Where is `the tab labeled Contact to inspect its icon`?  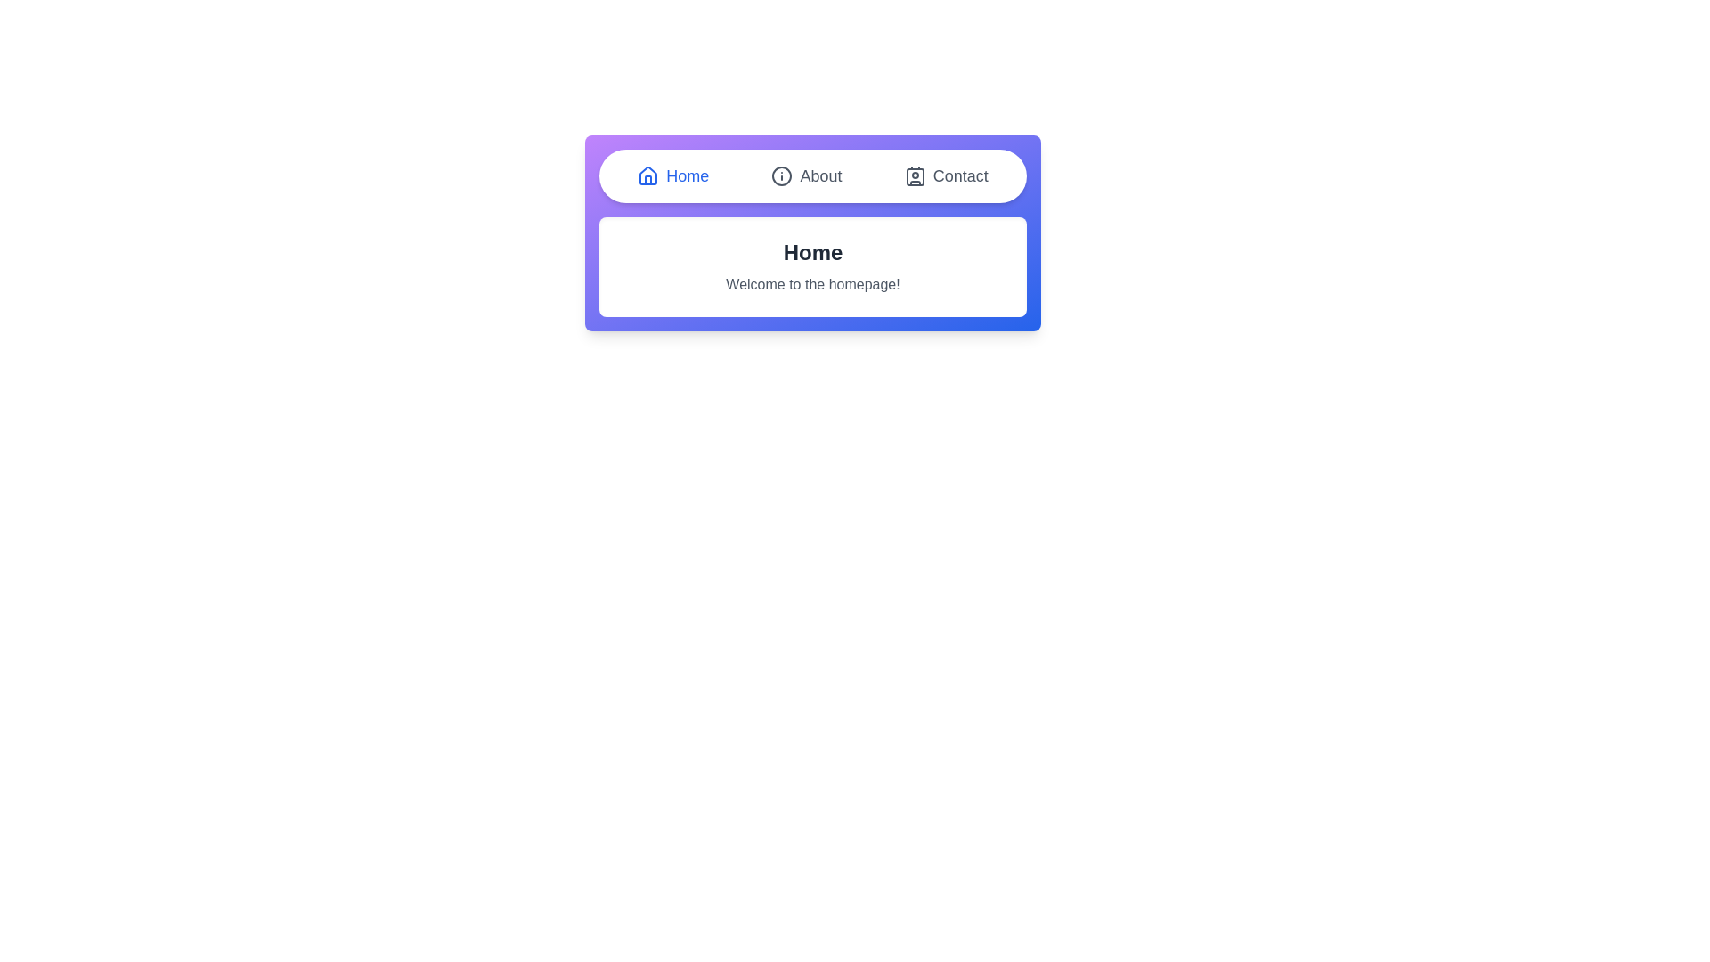 the tab labeled Contact to inspect its icon is located at coordinates (945, 175).